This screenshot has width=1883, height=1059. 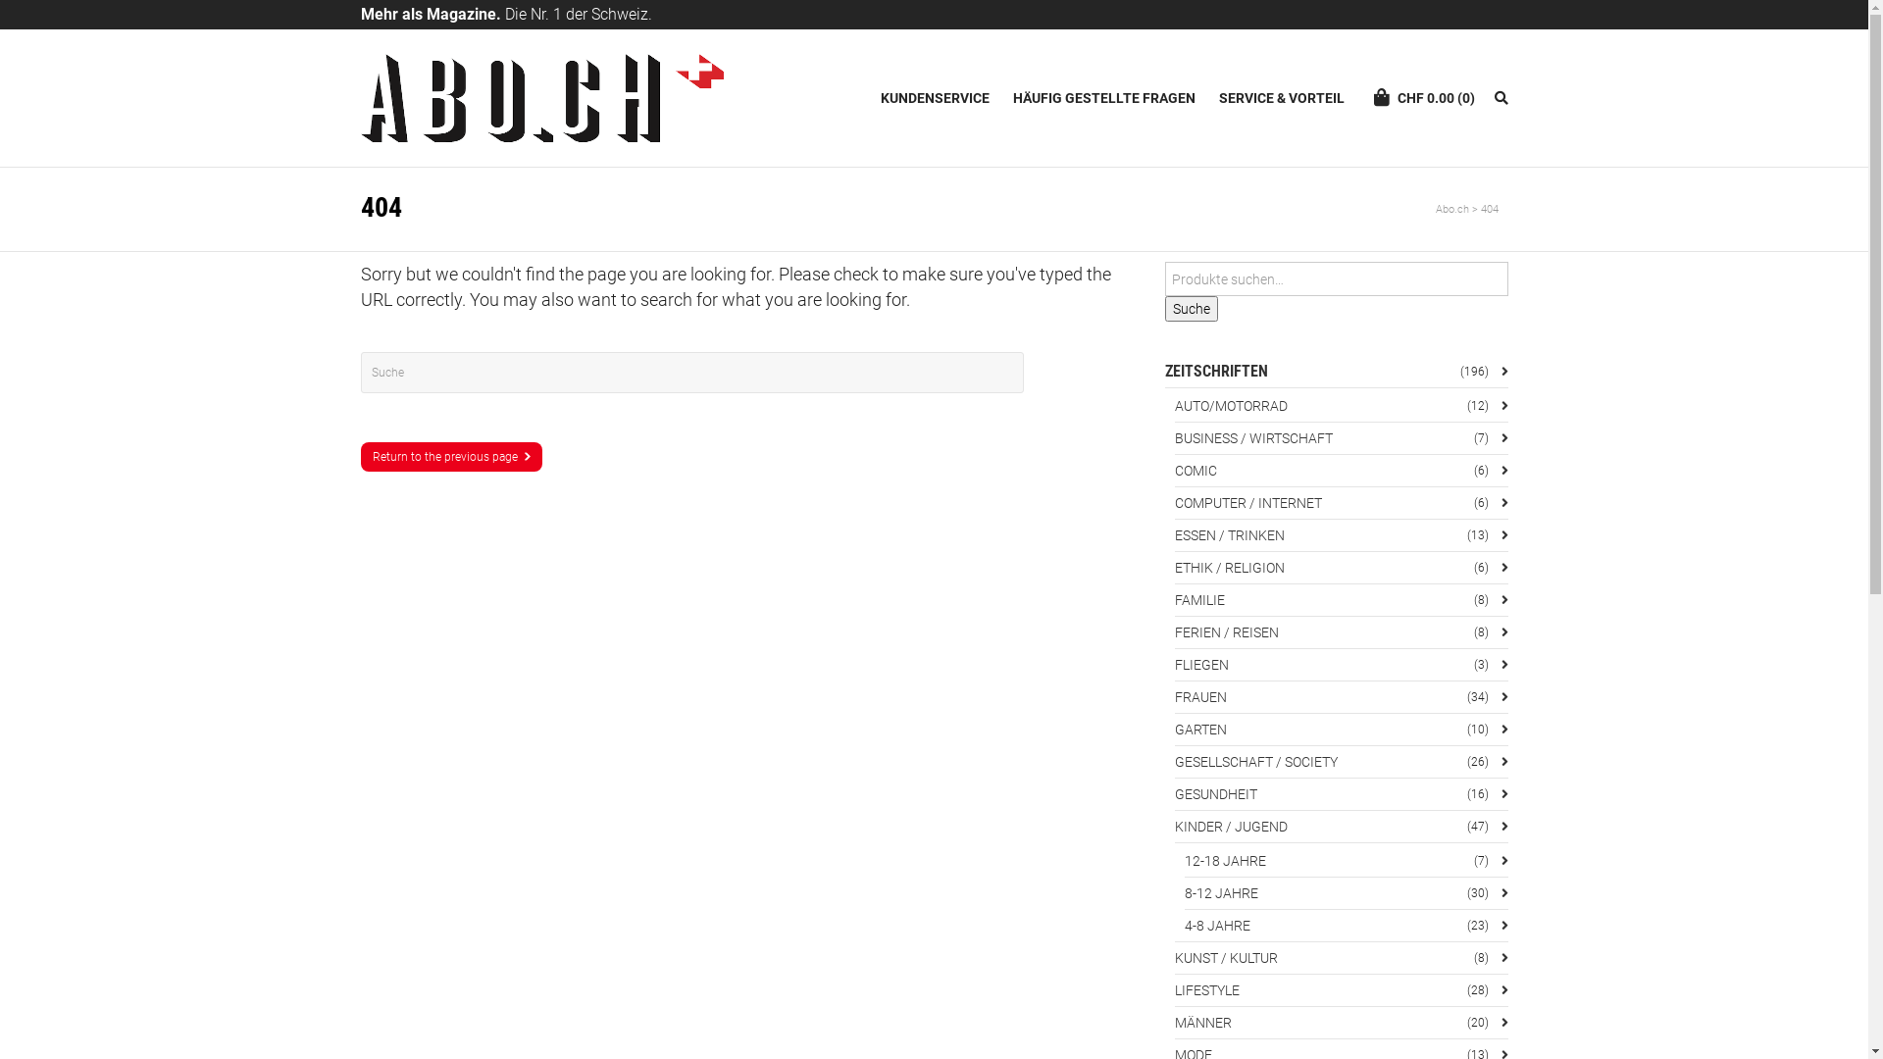 I want to click on 'KUNDENSERVICE', so click(x=870, y=98).